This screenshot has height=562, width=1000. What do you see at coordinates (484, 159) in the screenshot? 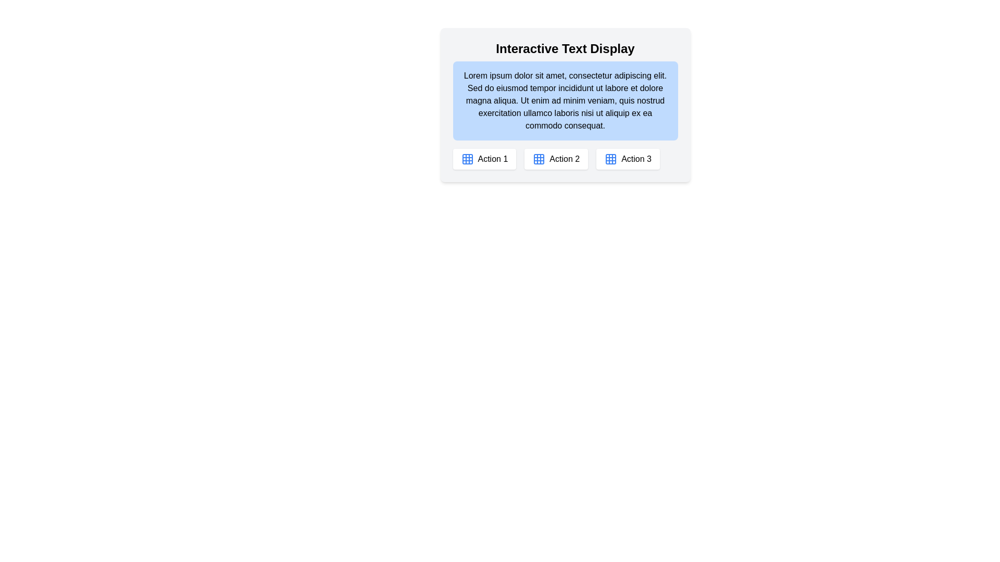
I see `the first button for 'Action 1' located at the bottom left of the card layout` at bounding box center [484, 159].